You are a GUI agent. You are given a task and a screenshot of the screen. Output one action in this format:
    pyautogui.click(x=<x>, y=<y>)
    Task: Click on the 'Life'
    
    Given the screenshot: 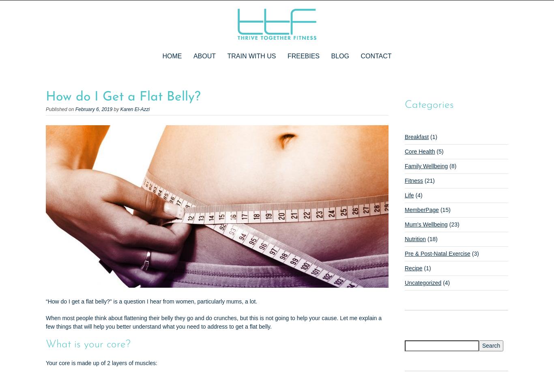 What is the action you would take?
    pyautogui.click(x=404, y=195)
    